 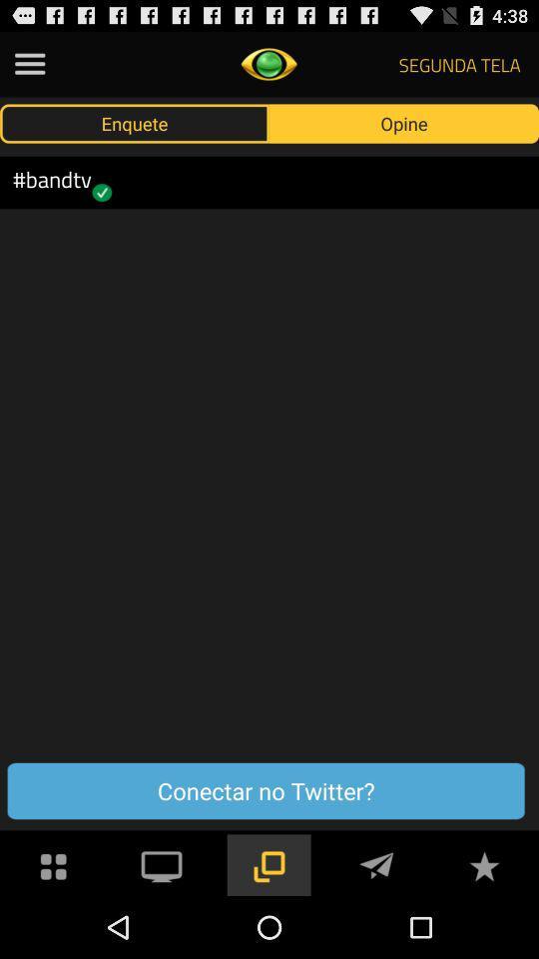 What do you see at coordinates (266, 791) in the screenshot?
I see `conectar no twitter? item` at bounding box center [266, 791].